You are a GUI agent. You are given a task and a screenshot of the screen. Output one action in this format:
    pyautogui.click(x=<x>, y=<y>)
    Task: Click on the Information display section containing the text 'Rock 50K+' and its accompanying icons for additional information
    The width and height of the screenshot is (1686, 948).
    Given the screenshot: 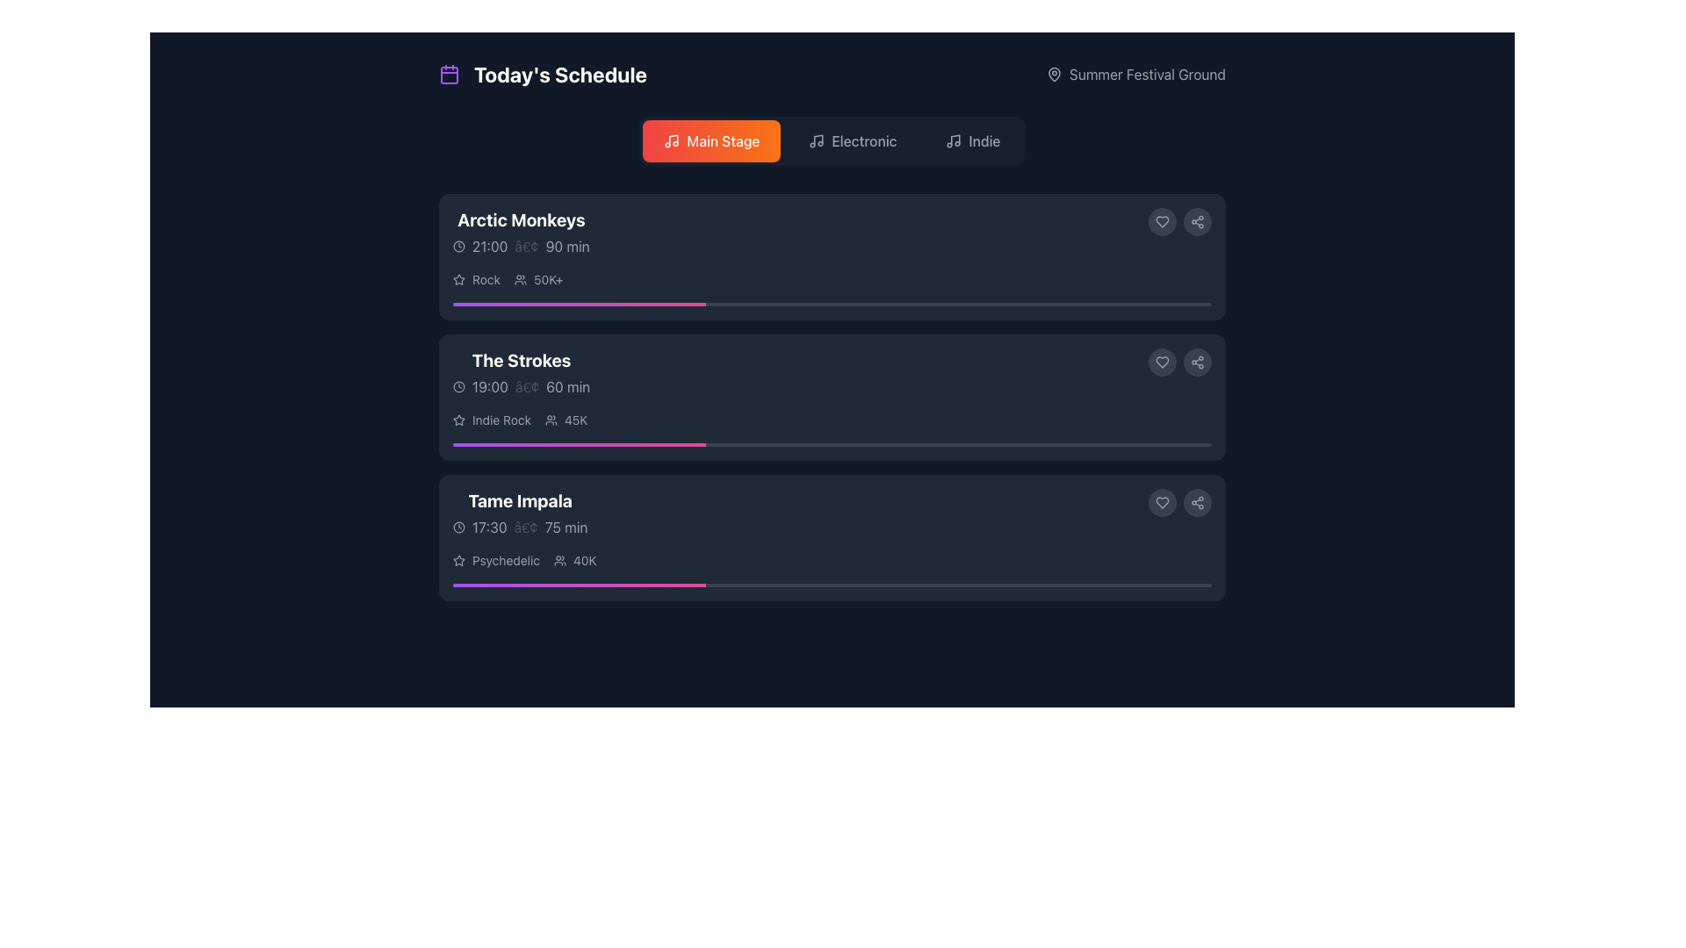 What is the action you would take?
    pyautogui.click(x=832, y=279)
    